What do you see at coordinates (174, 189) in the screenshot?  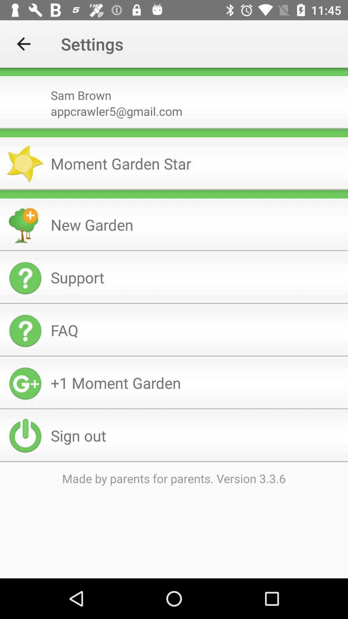 I see `the item above the` at bounding box center [174, 189].